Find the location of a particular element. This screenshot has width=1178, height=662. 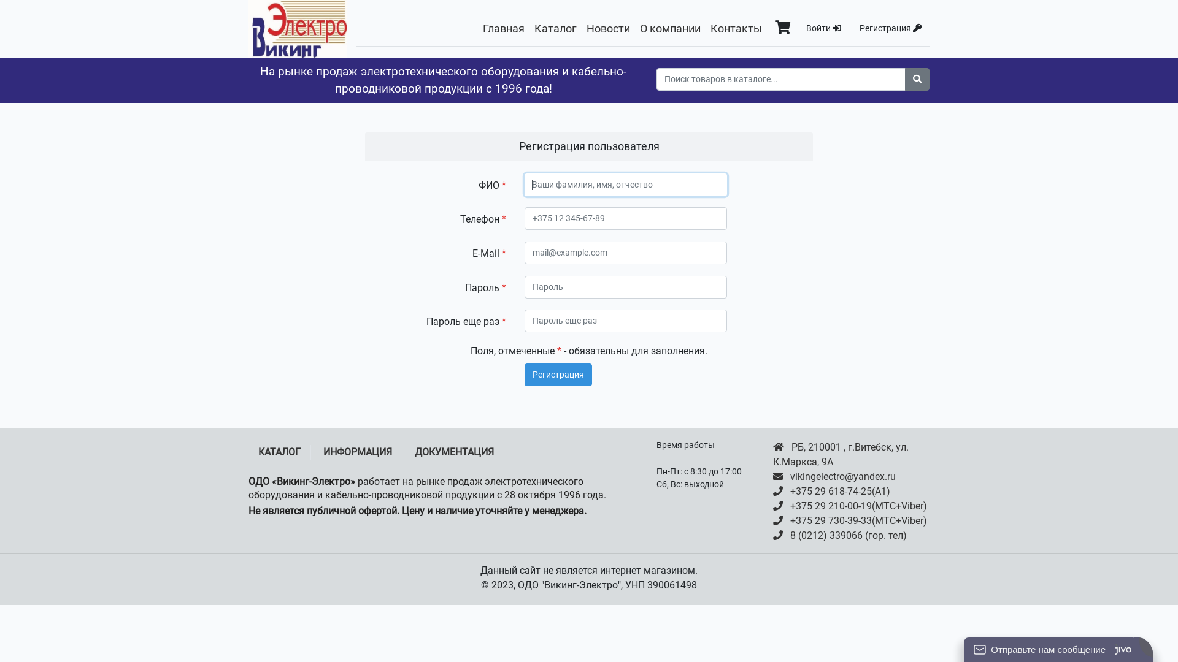

'+375 29 618-74-25(A1)' is located at coordinates (850, 491).